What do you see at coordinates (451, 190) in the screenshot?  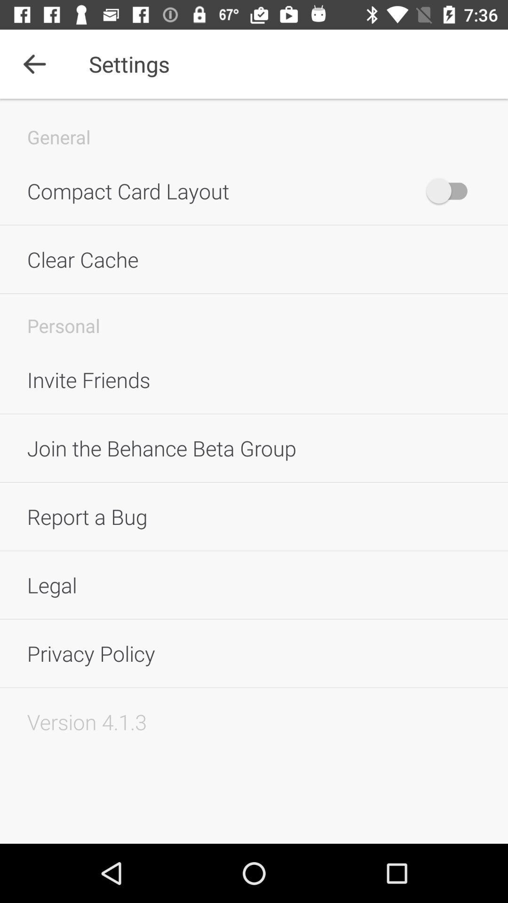 I see `compact layout on/off` at bounding box center [451, 190].